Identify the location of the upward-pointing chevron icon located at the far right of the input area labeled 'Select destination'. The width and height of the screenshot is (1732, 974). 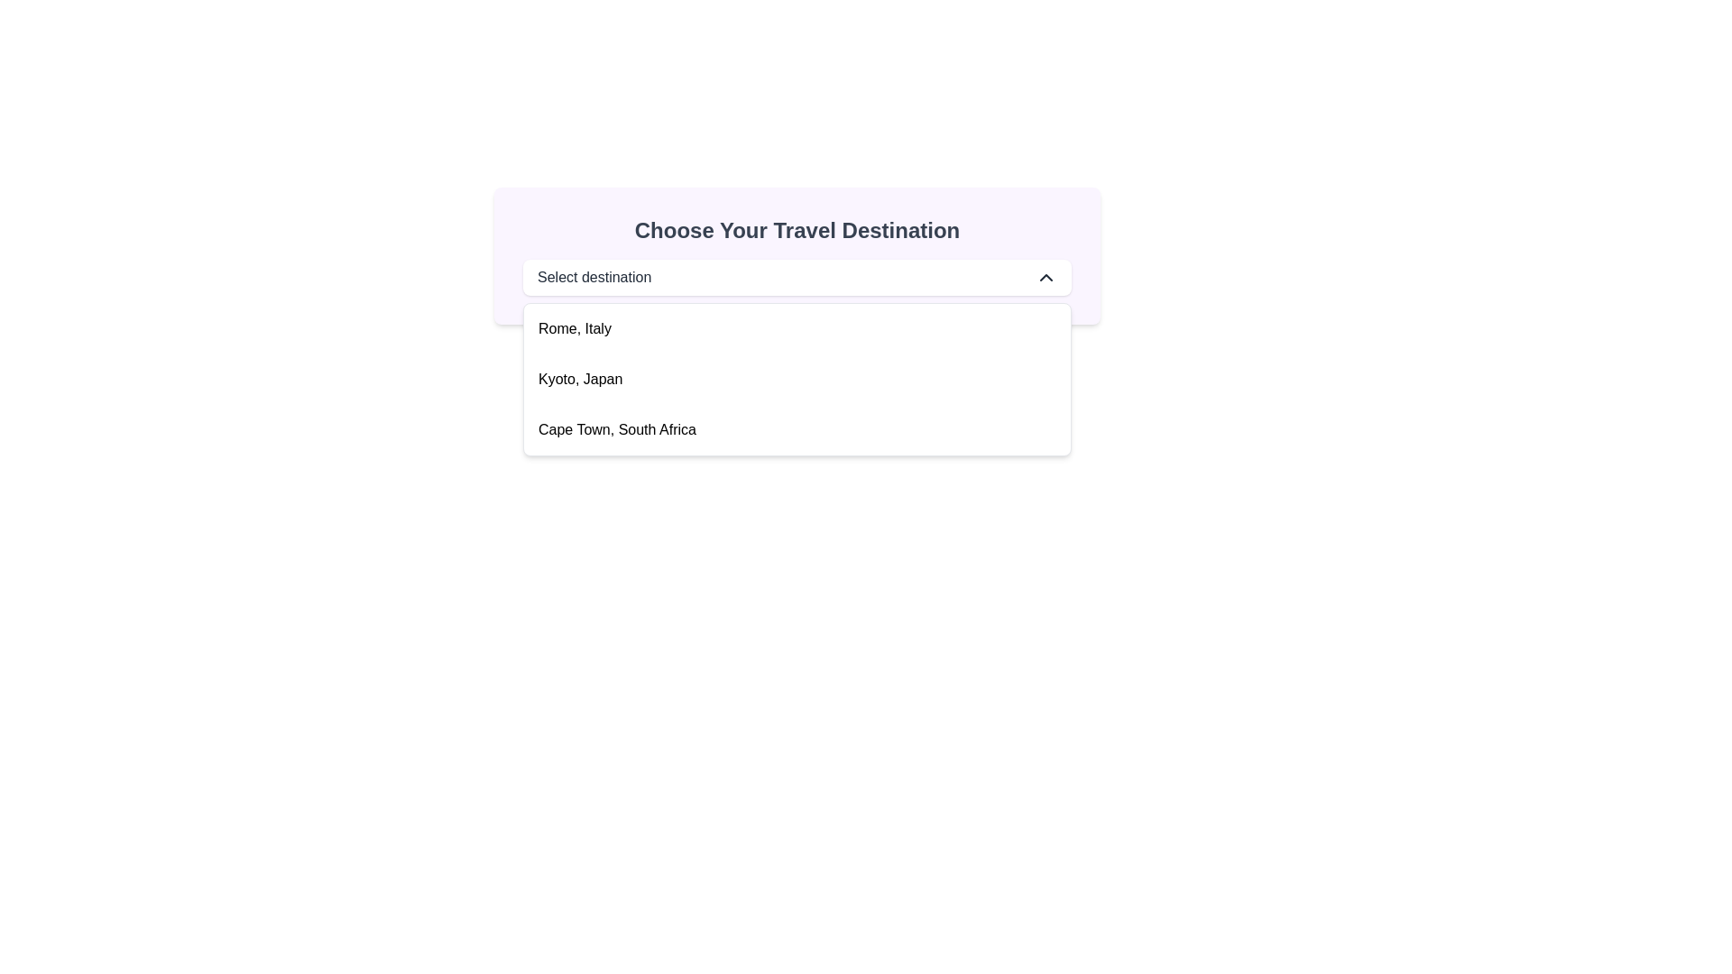
(1046, 278).